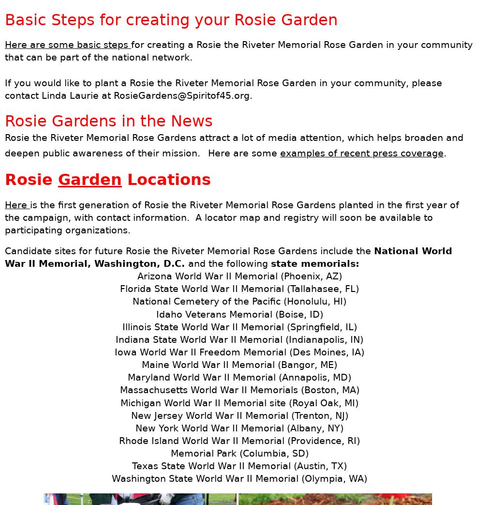 Image resolution: width=479 pixels, height=505 pixels. What do you see at coordinates (239, 51) in the screenshot?
I see `'for creating a Rosie the Riveter Memorial Rose Garden in your community that can be part of the national network.'` at bounding box center [239, 51].